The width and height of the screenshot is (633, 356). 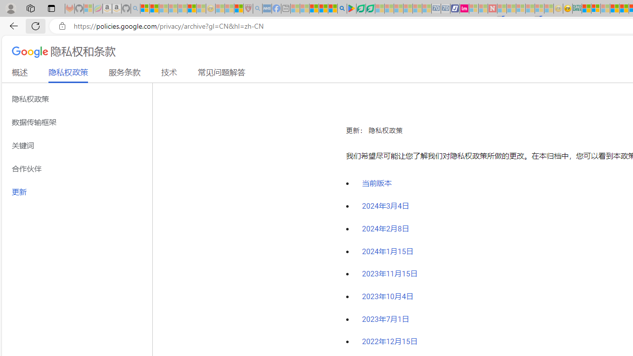 What do you see at coordinates (352, 8) in the screenshot?
I see `'Bluey: Let'` at bounding box center [352, 8].